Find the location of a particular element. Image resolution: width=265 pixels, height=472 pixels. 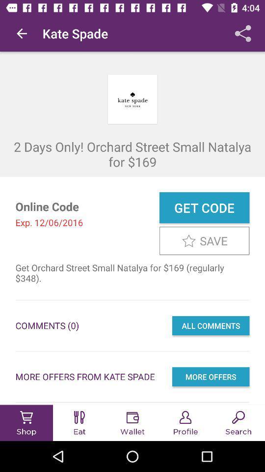

item above 2 days only icon is located at coordinates (22, 33).